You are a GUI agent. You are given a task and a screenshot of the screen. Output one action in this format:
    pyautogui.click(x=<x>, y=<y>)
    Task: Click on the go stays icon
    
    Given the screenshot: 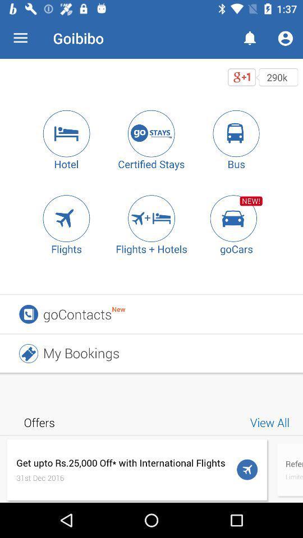 What is the action you would take?
    pyautogui.click(x=151, y=133)
    